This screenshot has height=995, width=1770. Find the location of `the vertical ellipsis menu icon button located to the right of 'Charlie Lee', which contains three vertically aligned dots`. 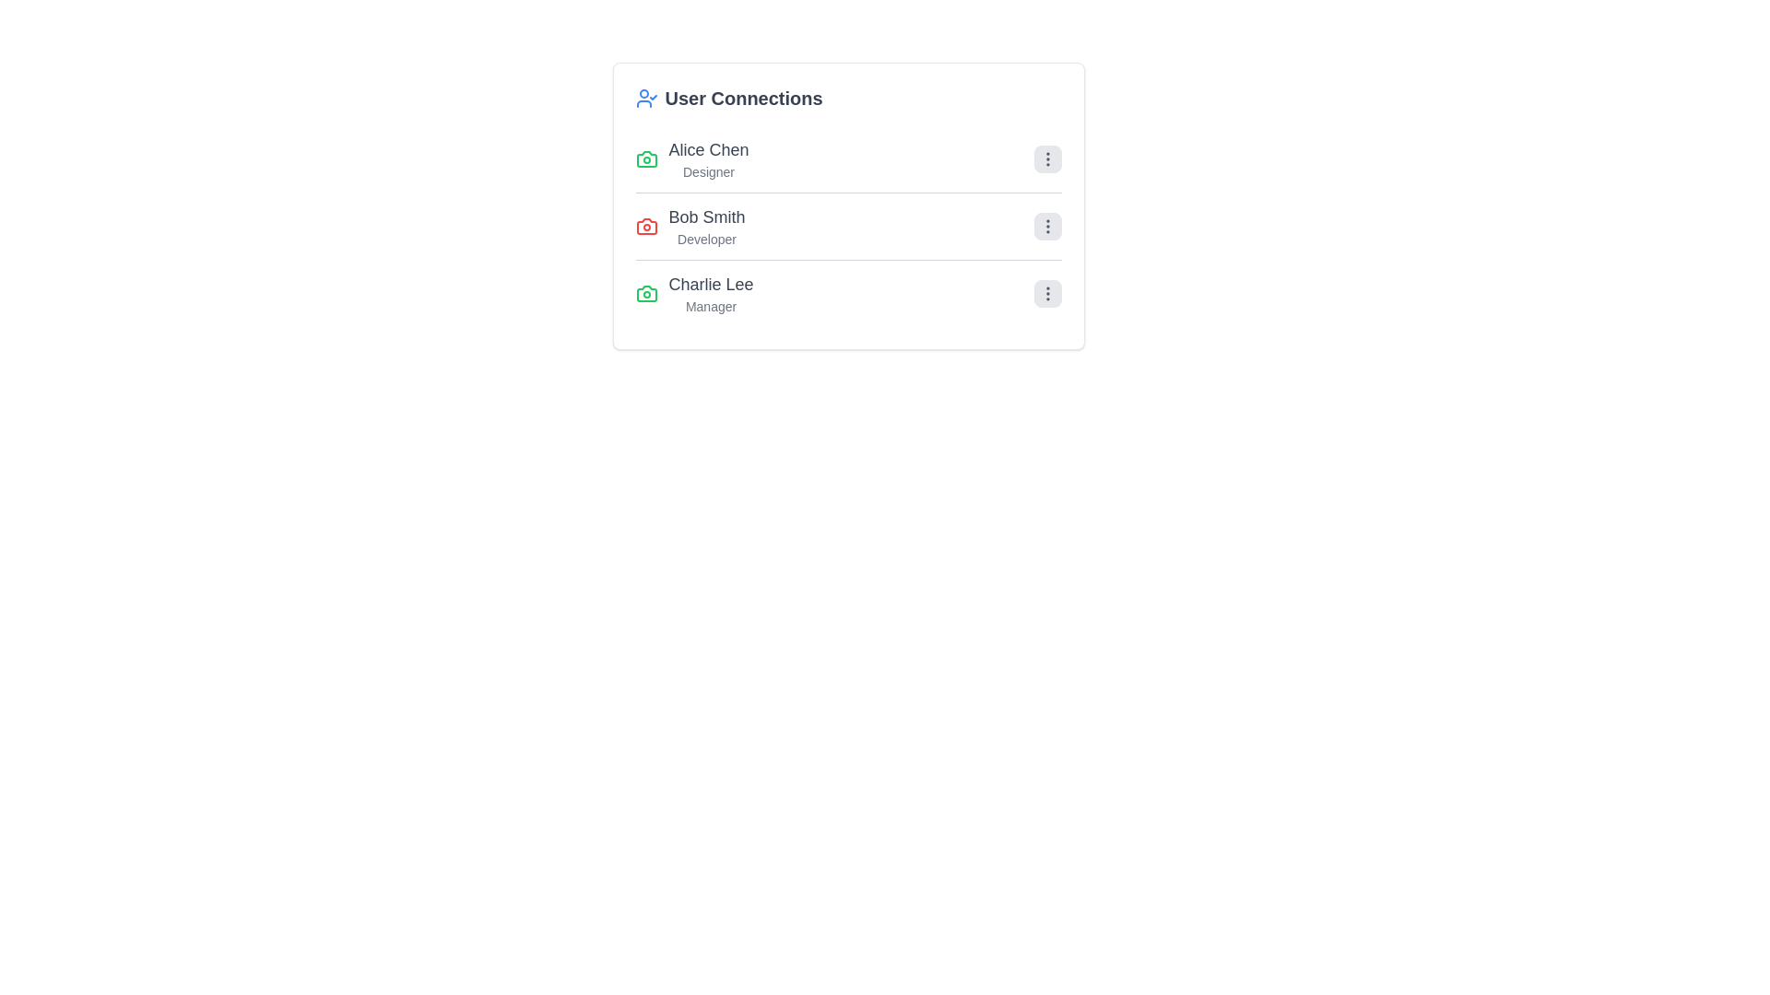

the vertical ellipsis menu icon button located to the right of 'Charlie Lee', which contains three vertically aligned dots is located at coordinates (1047, 293).